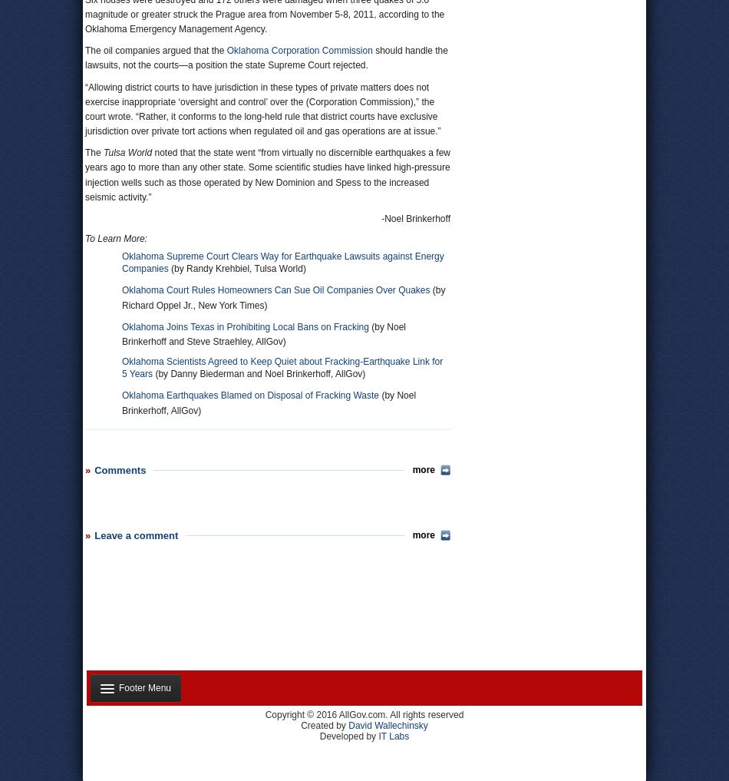 The image size is (729, 781). I want to click on '“Allowing district courts to have jurisdiction in these types of private matters does not exercise inappropriate ‘oversight and control’ over the (Corporation Commission),” the court wrote. “Rather, it conforms to the long-held rule that district courts have exclusive jurisdiction over private tort actions when regulated oil and gas operations are at issue.”', so click(262, 108).